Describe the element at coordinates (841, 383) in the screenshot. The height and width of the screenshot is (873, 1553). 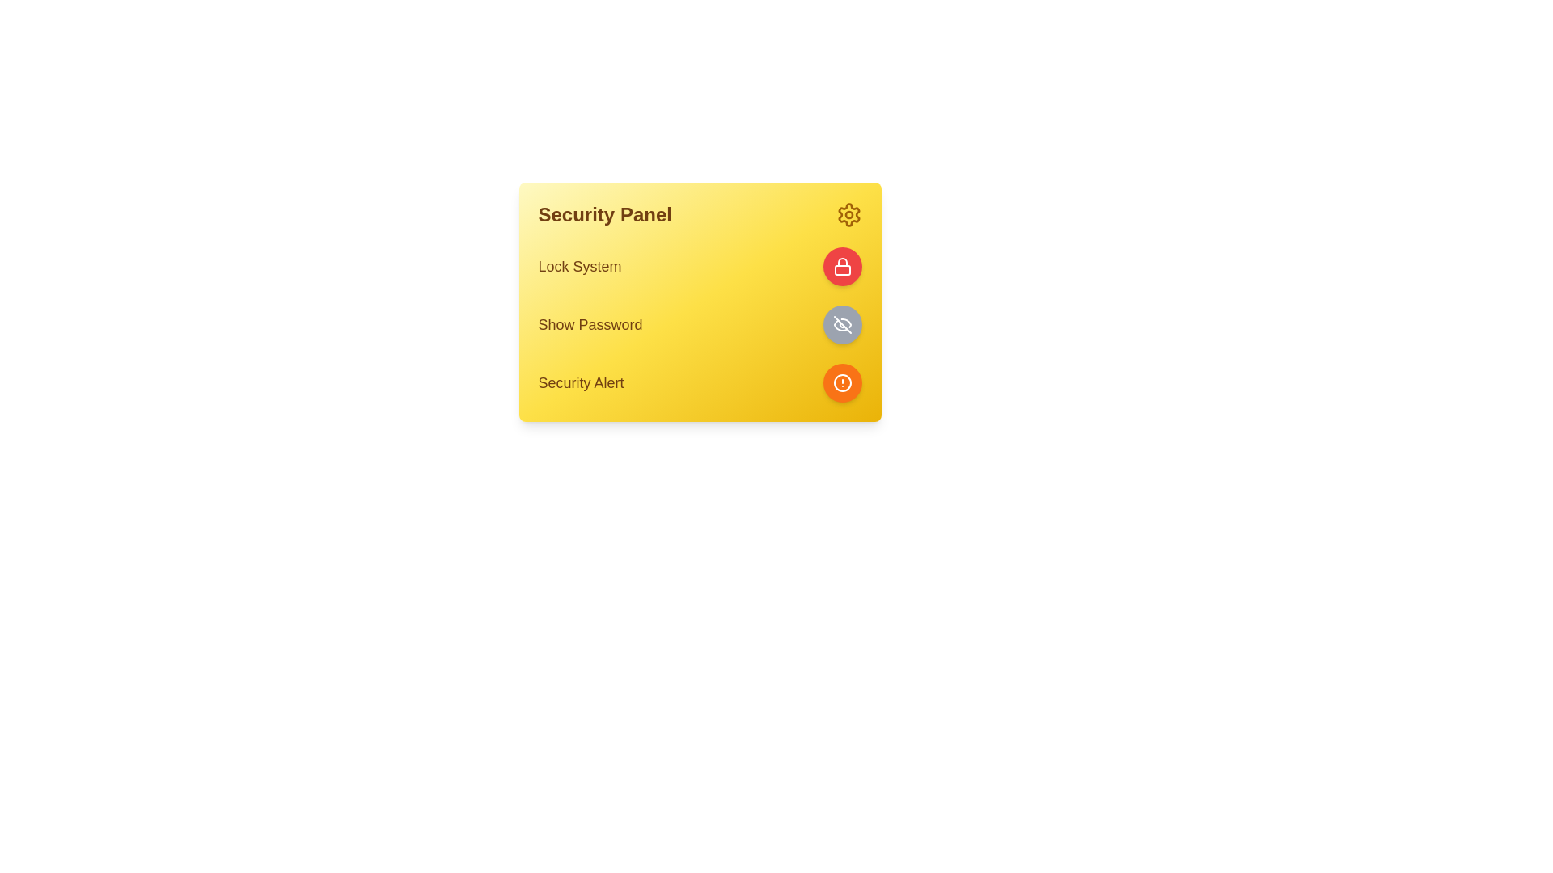
I see `the circular base of the 'Security Alert' icon, which is part of an icon group located at the bottom-right corner of a yellow panel and filled with a medium orange hue` at that location.